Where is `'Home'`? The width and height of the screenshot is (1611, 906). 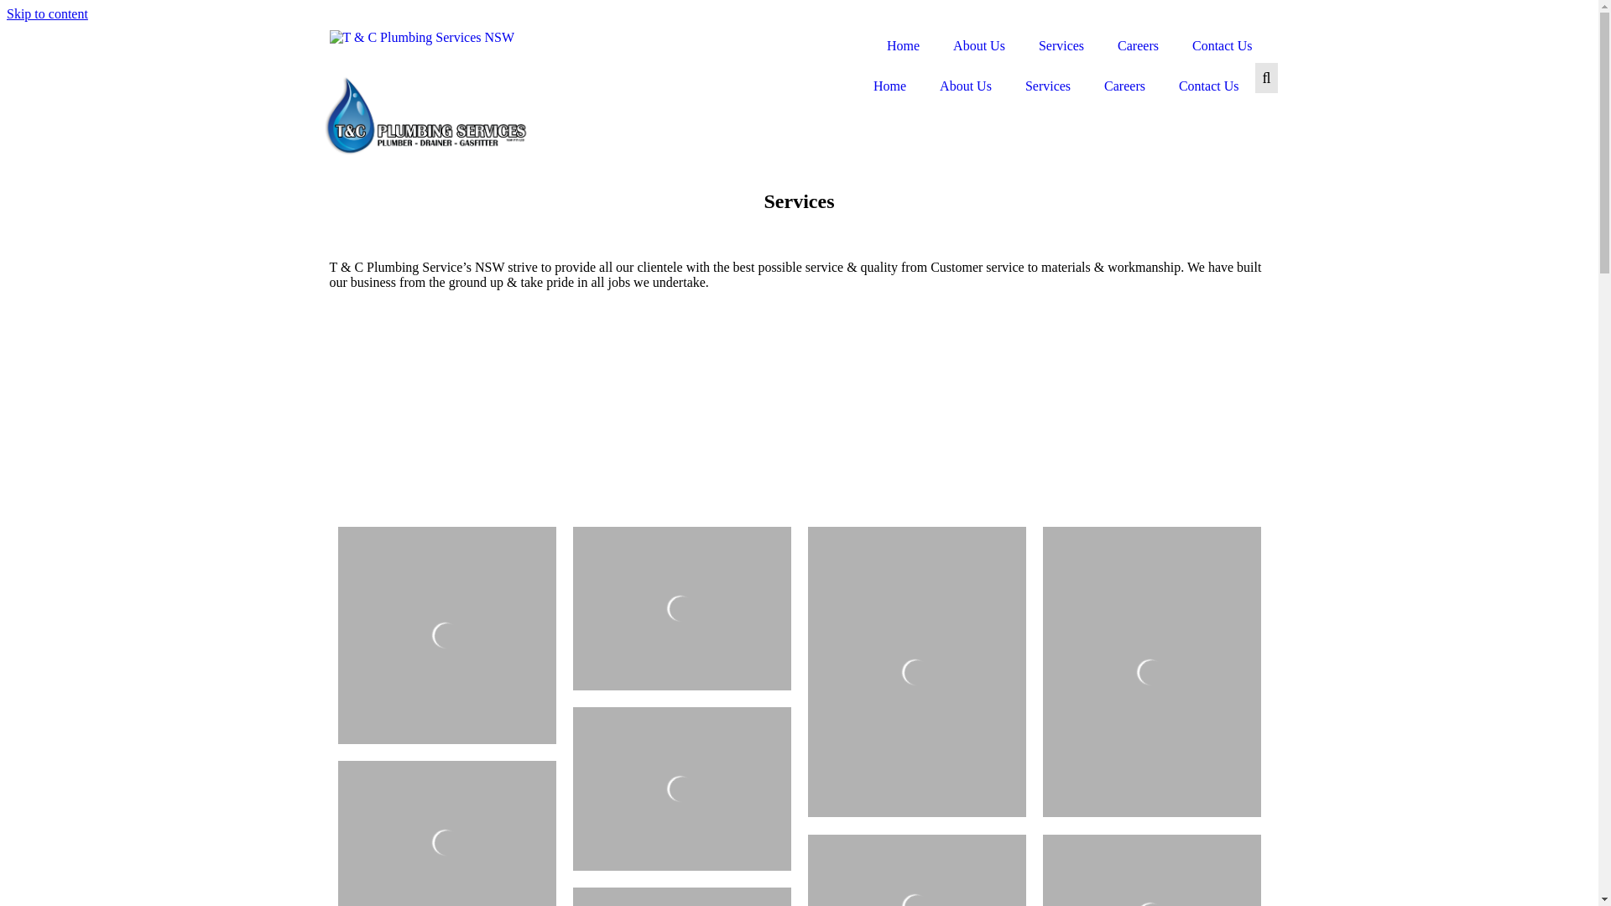
'Home' is located at coordinates (889, 86).